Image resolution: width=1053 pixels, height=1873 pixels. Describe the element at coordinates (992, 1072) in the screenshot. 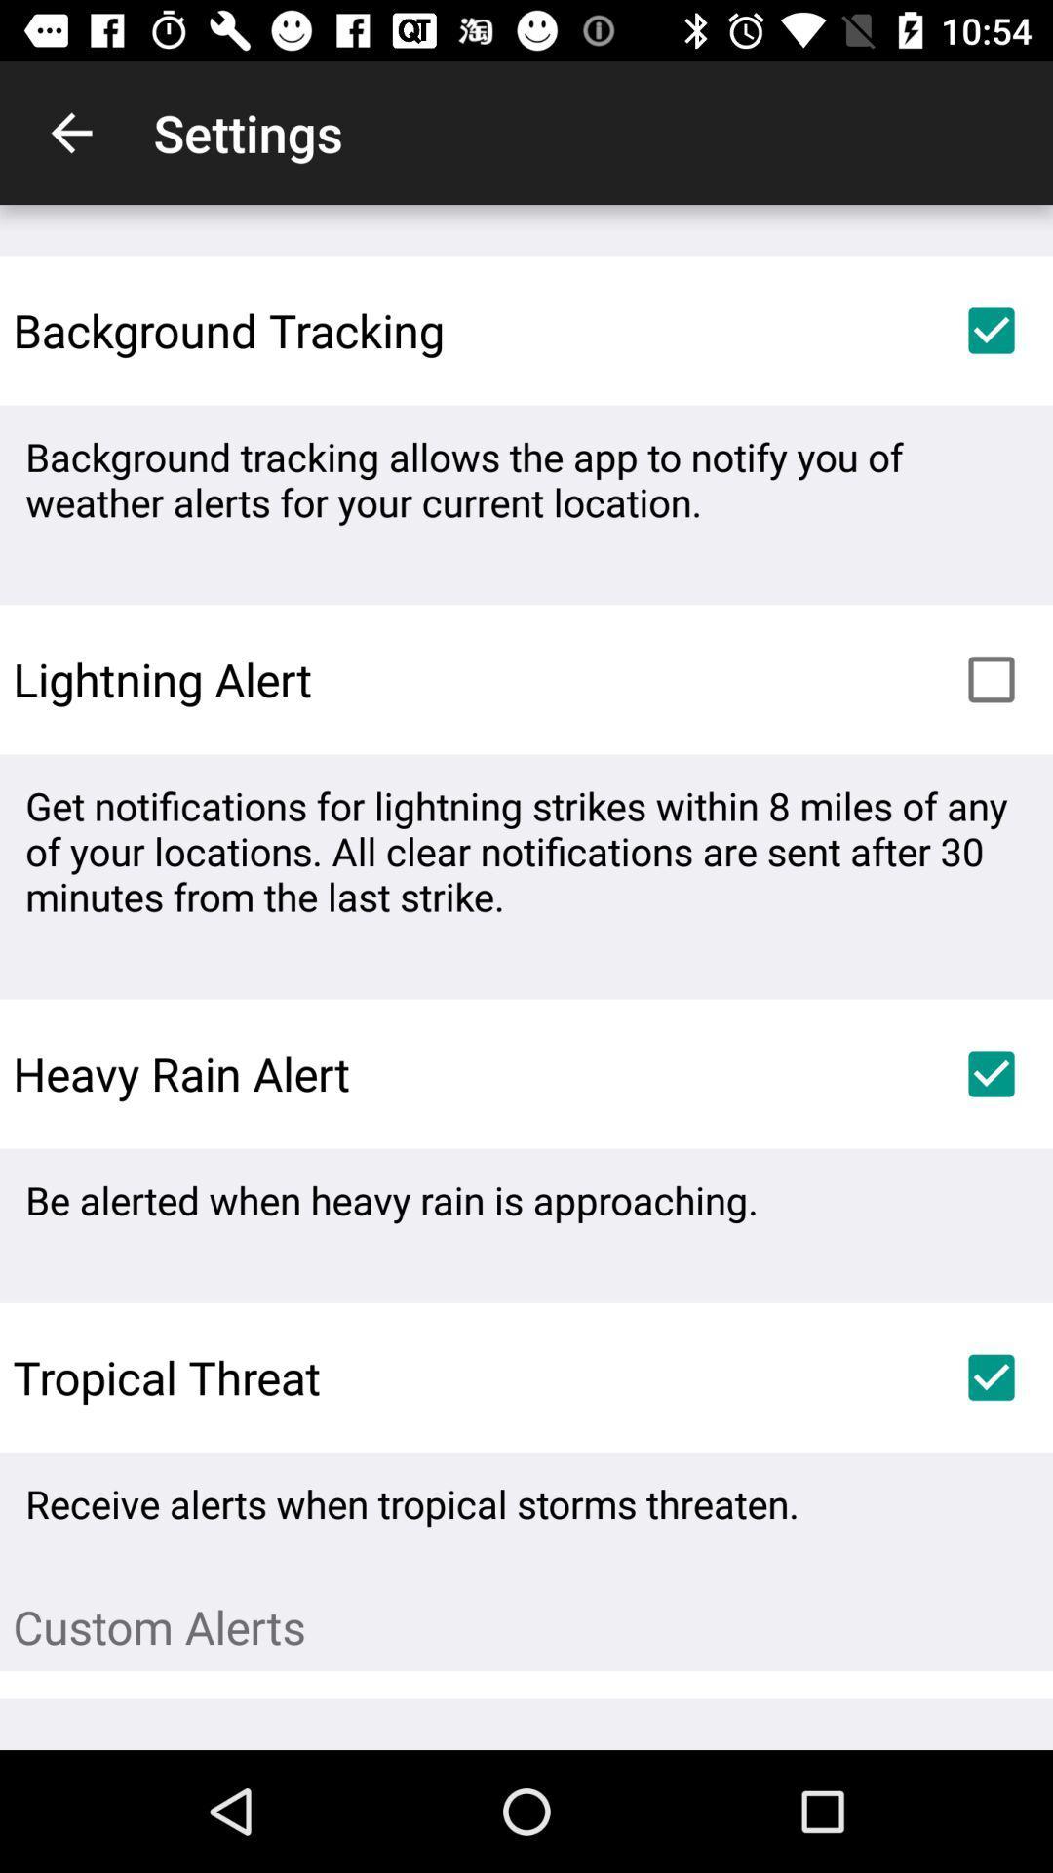

I see `selection` at that location.